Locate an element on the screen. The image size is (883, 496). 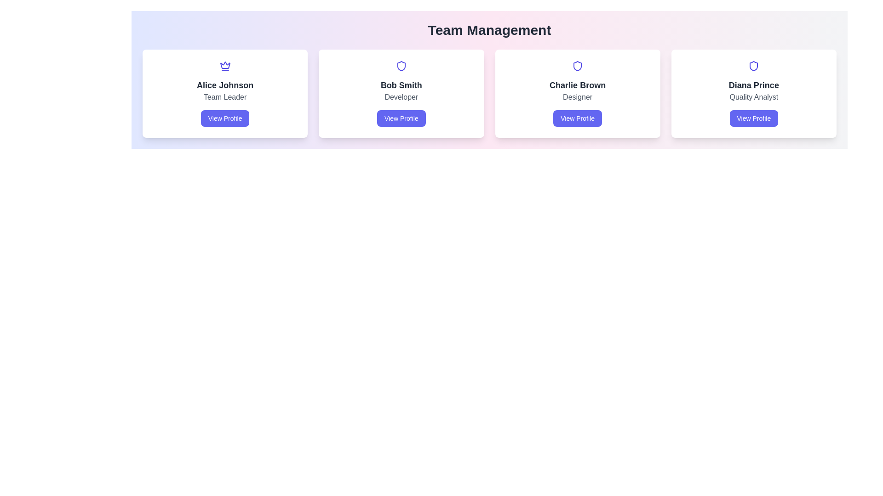
the decorative icon representing protection or security for 'Bob Smith', located at the top center of the card in the second column of the grid is located at coordinates (401, 65).